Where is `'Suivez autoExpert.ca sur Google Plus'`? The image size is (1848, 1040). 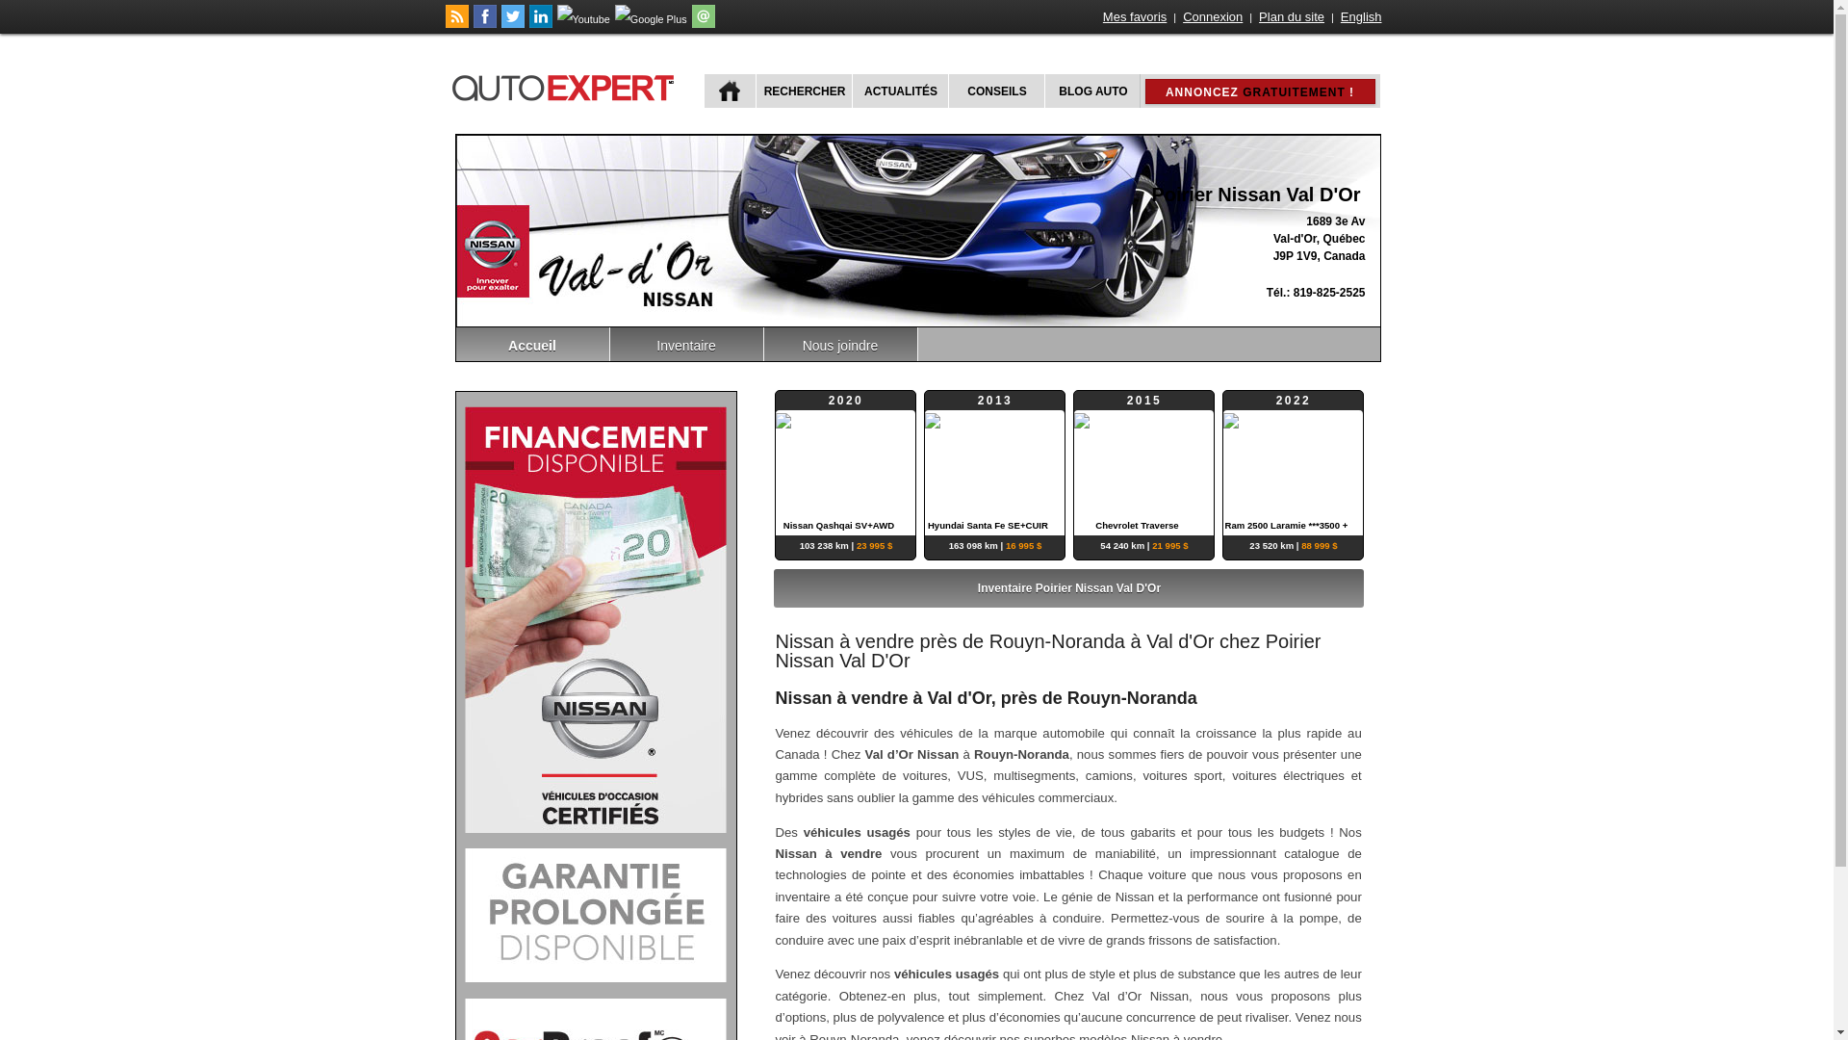
'Suivez autoExpert.ca sur Google Plus' is located at coordinates (651, 18).